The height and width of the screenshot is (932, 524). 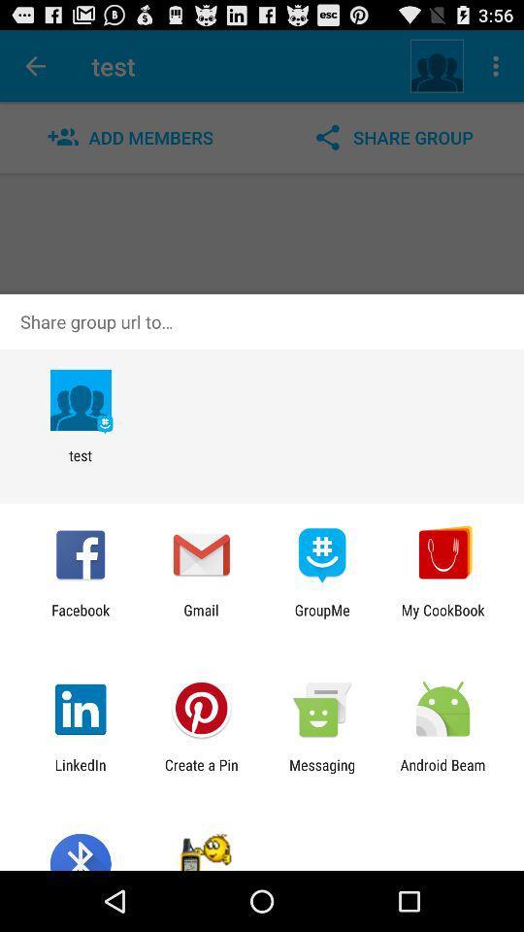 What do you see at coordinates (200, 617) in the screenshot?
I see `gmail icon` at bounding box center [200, 617].